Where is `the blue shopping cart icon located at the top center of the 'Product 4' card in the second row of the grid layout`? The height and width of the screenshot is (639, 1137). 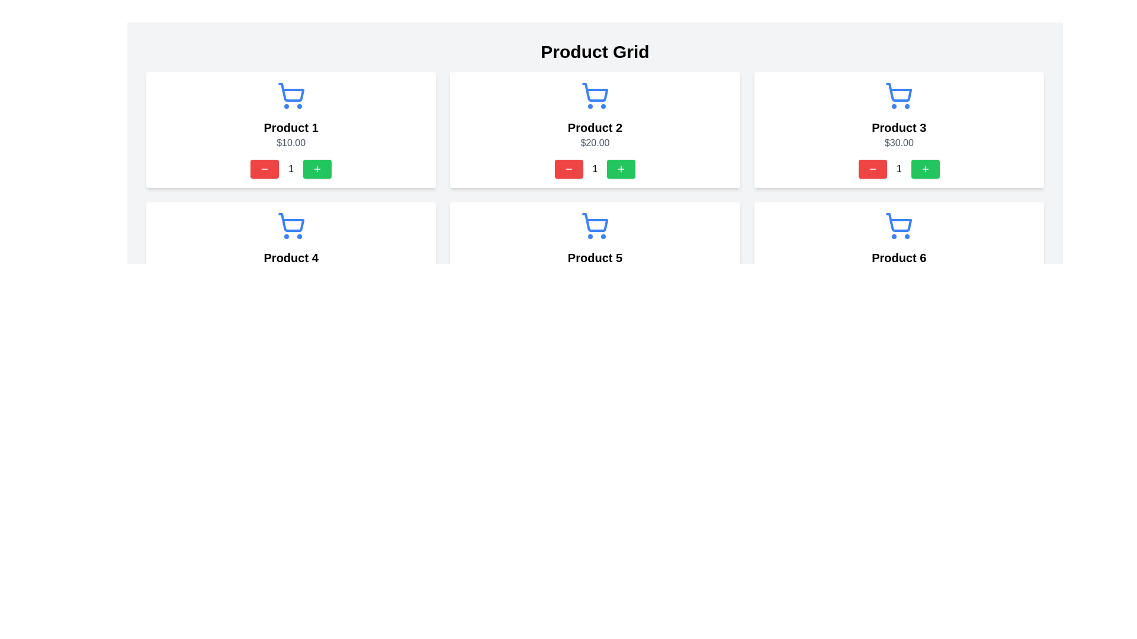 the blue shopping cart icon located at the top center of the 'Product 4' card in the second row of the grid layout is located at coordinates (291, 222).